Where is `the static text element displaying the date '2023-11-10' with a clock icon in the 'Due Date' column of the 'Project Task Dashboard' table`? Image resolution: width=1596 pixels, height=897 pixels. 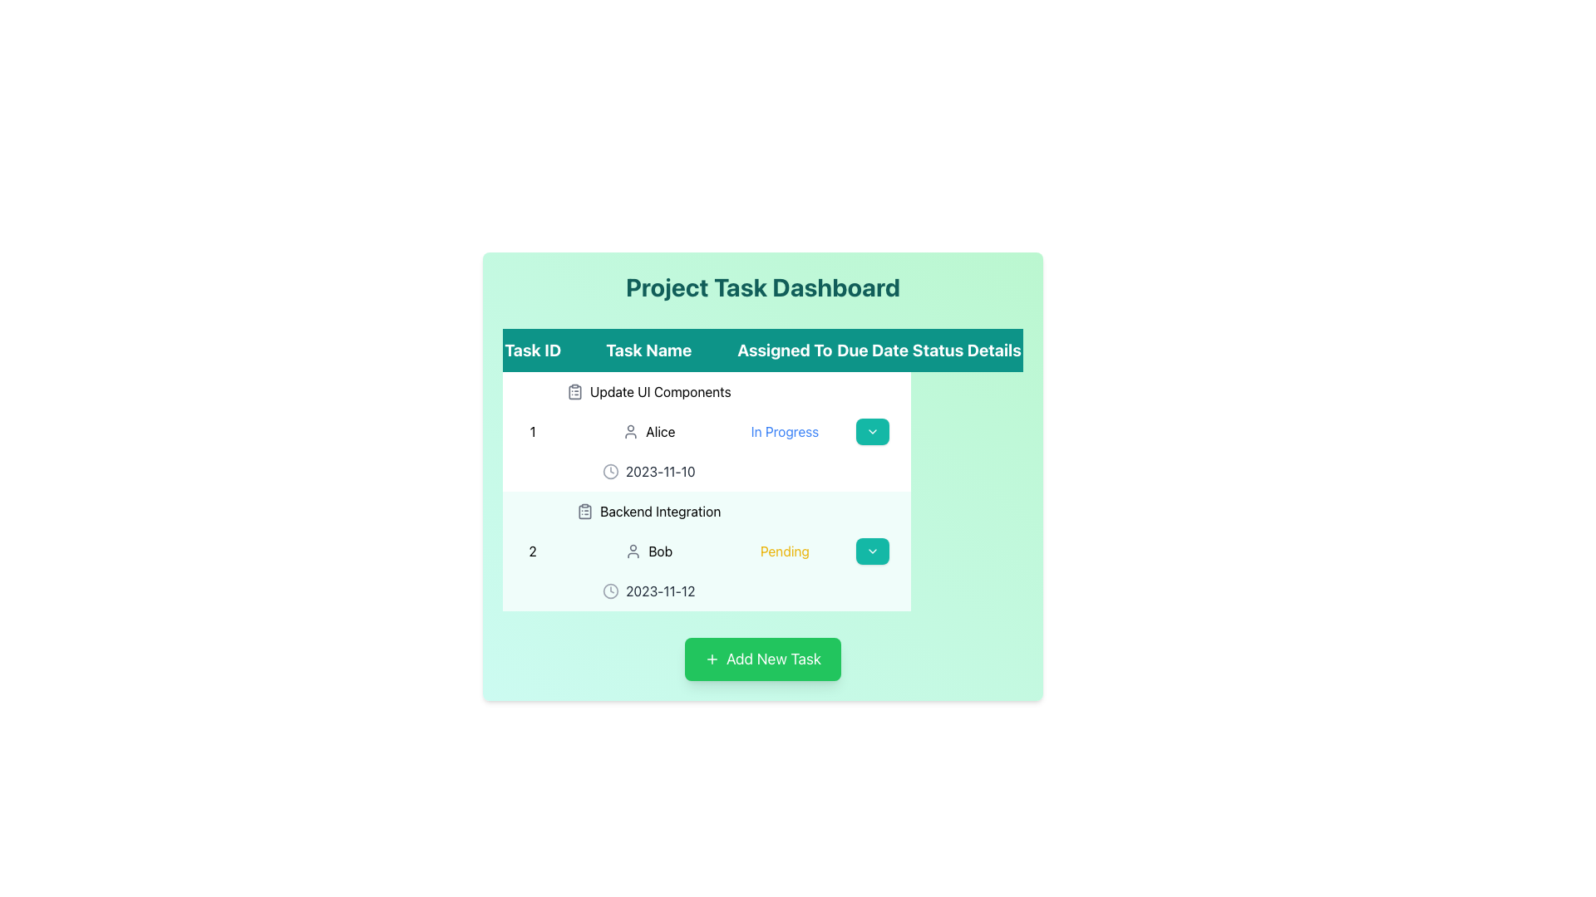 the static text element displaying the date '2023-11-10' with a clock icon in the 'Due Date' column of the 'Project Task Dashboard' table is located at coordinates (648, 471).